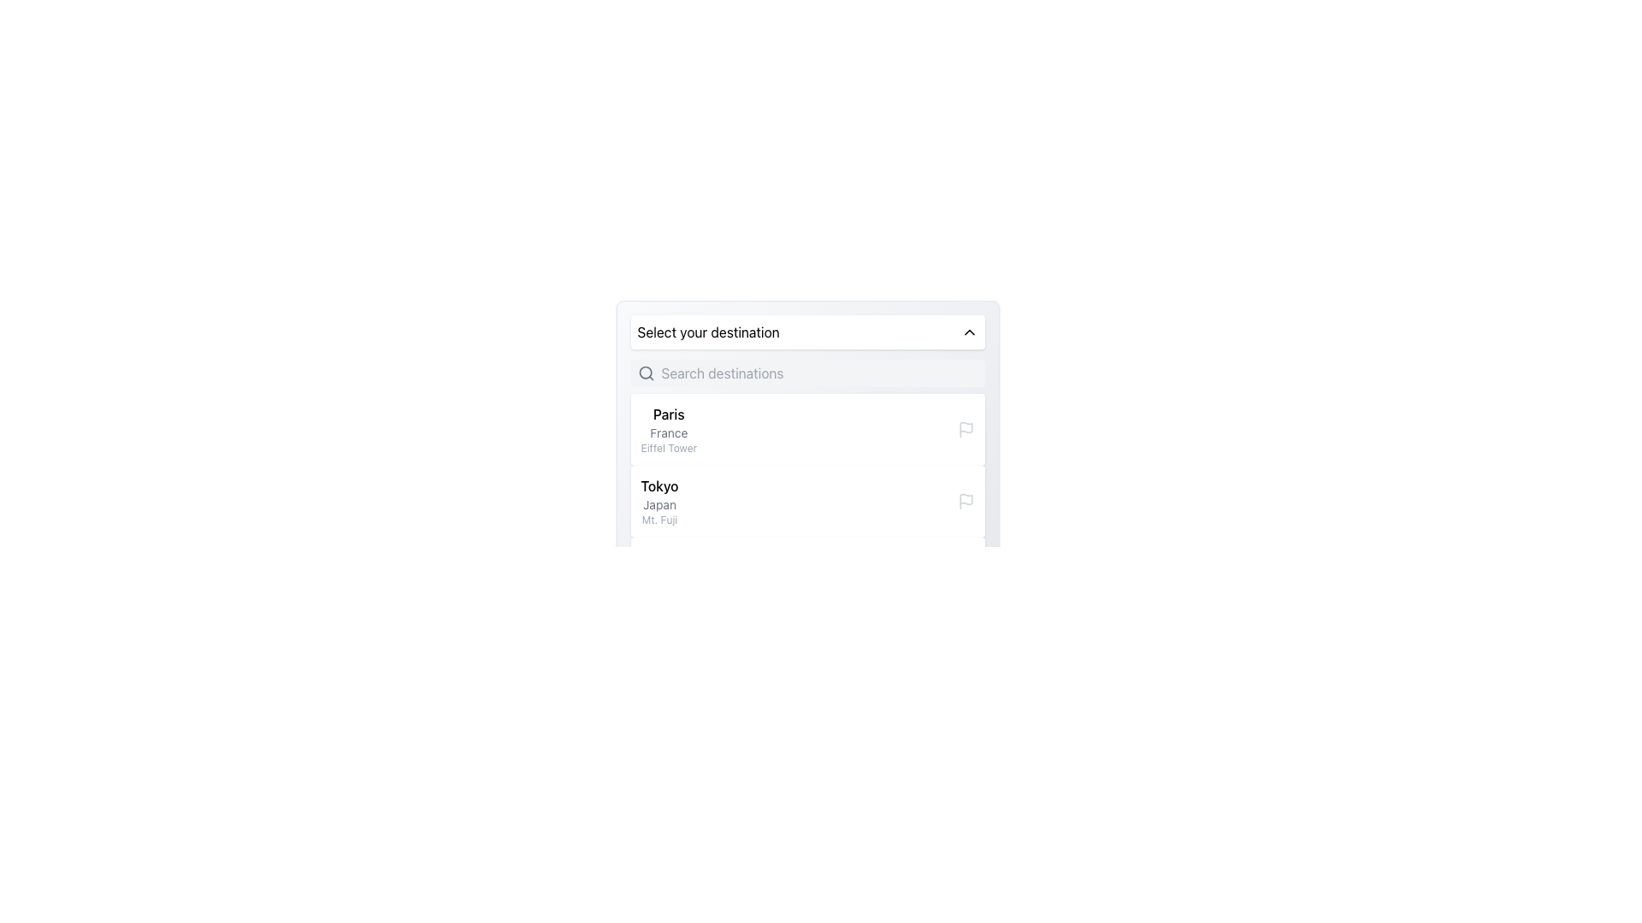  Describe the element at coordinates (966, 426) in the screenshot. I see `the flag icon located to the right of the text details 'Paris, France' in the list of destinations` at that location.